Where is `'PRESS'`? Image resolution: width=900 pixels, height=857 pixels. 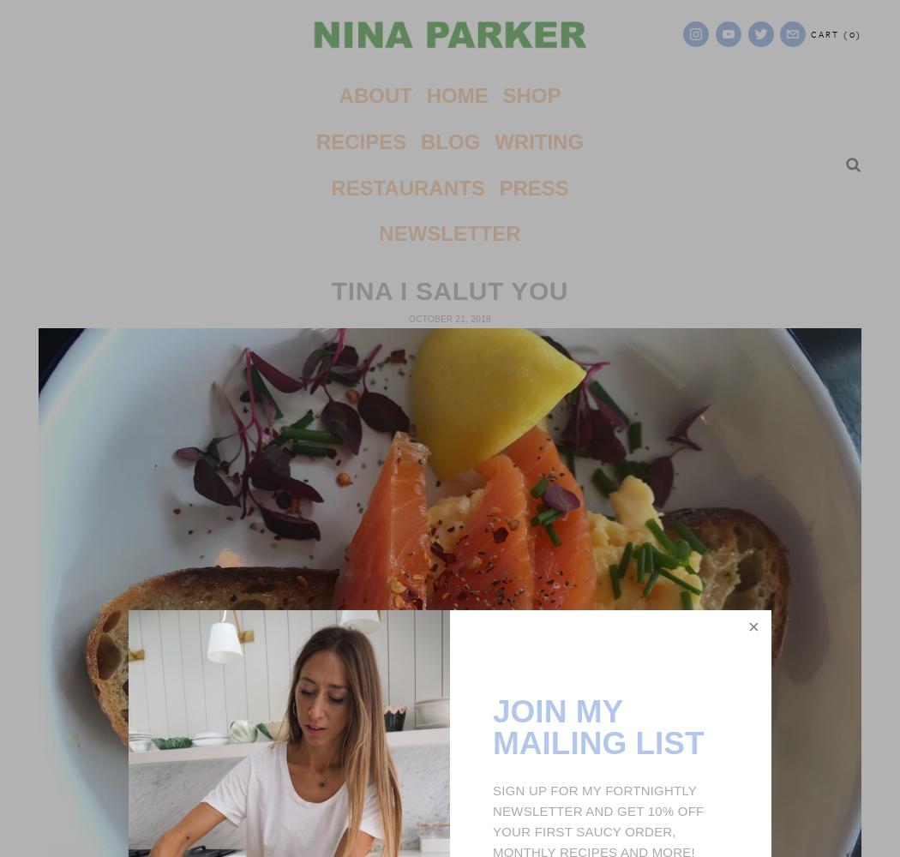
'PRESS' is located at coordinates (533, 186).